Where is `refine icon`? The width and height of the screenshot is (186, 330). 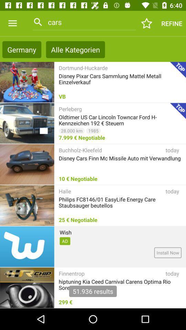
refine icon is located at coordinates (171, 23).